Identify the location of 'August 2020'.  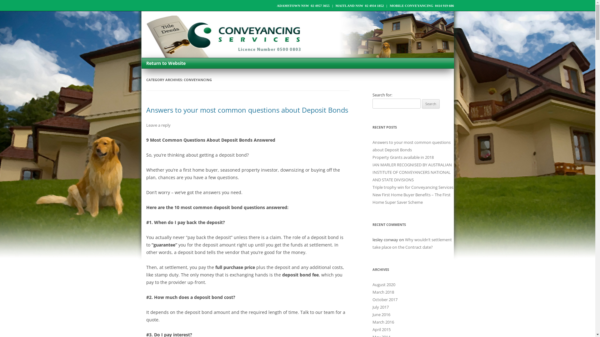
(372, 284).